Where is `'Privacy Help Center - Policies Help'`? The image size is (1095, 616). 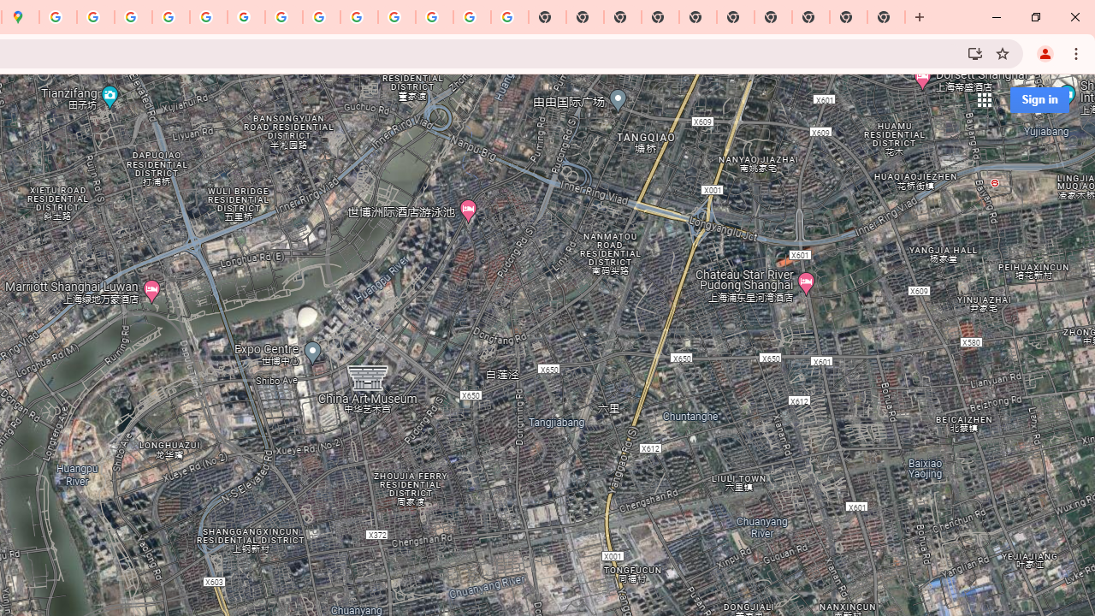
'Privacy Help Center - Policies Help' is located at coordinates (170, 17).